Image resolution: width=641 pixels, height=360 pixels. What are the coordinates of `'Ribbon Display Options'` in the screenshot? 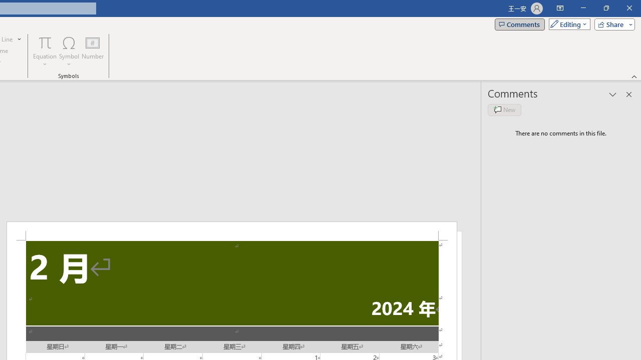 It's located at (559, 8).